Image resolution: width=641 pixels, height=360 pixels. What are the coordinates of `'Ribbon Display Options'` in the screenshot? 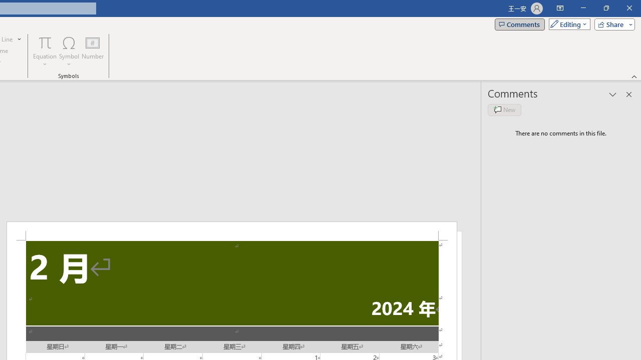 It's located at (559, 8).